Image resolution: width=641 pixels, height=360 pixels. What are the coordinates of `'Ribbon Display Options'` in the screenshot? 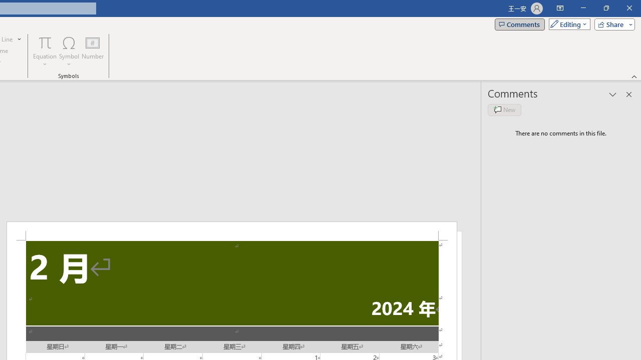 It's located at (559, 8).